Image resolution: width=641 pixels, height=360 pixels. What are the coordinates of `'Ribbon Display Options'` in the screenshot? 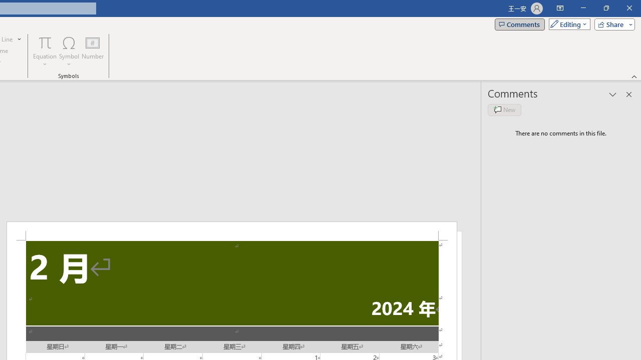 It's located at (559, 8).